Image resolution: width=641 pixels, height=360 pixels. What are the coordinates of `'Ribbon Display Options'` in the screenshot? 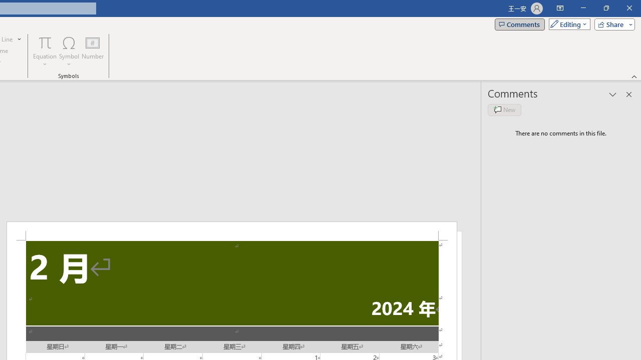 It's located at (559, 8).